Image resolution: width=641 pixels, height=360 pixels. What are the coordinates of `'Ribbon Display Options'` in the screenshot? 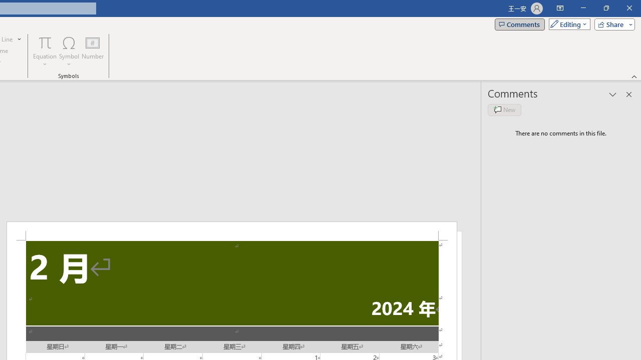 It's located at (559, 8).